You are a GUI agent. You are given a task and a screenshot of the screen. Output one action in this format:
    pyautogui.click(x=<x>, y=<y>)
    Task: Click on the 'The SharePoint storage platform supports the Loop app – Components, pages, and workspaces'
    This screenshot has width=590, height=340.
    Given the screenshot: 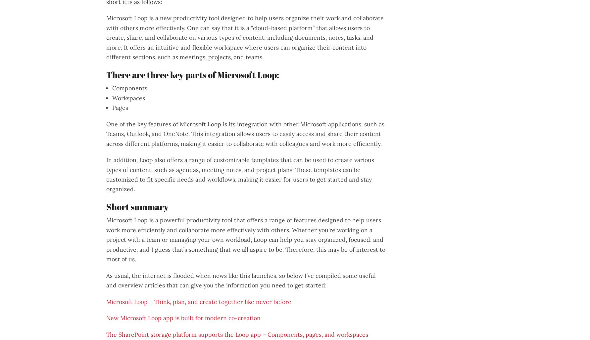 What is the action you would take?
    pyautogui.click(x=237, y=334)
    